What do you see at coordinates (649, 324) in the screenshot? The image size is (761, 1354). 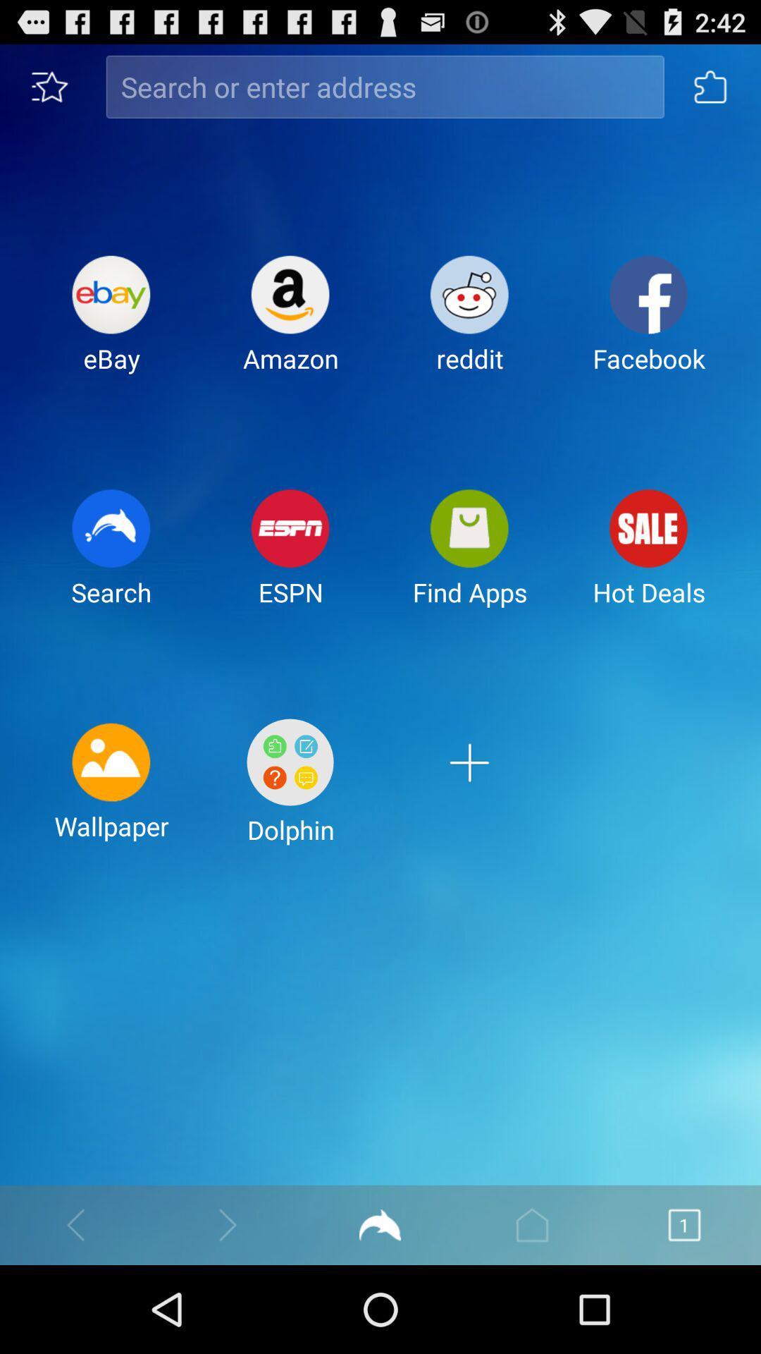 I see `the facebook item` at bounding box center [649, 324].